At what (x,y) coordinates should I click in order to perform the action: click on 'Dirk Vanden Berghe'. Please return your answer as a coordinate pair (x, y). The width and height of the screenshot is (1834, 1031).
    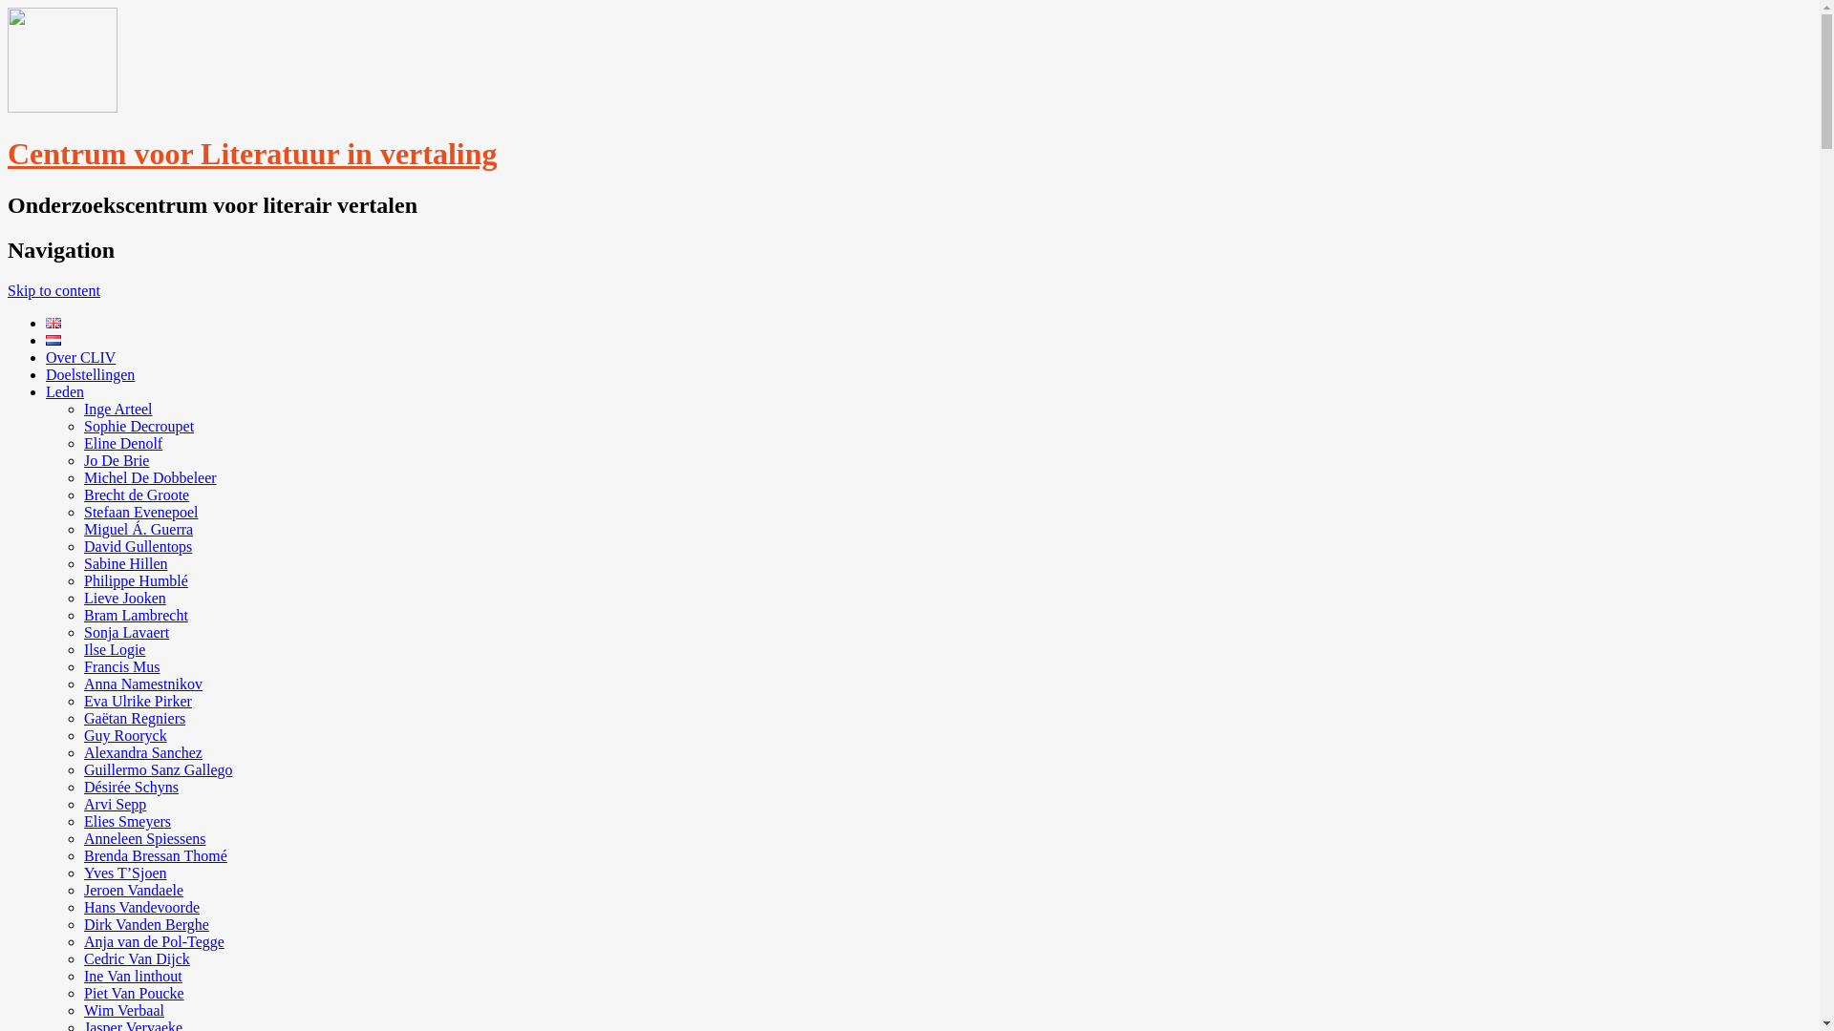
    Looking at the image, I should click on (82, 923).